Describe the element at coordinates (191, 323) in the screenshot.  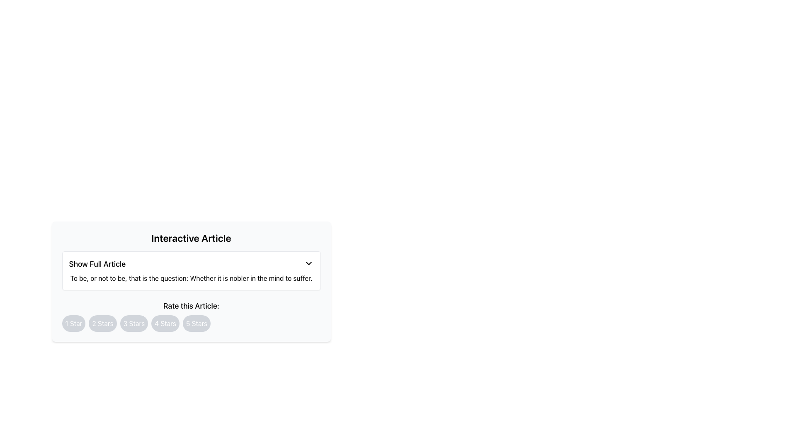
I see `the '5 Stars' button, which is the fifth circular button in a horizontal row for star ratings` at that location.